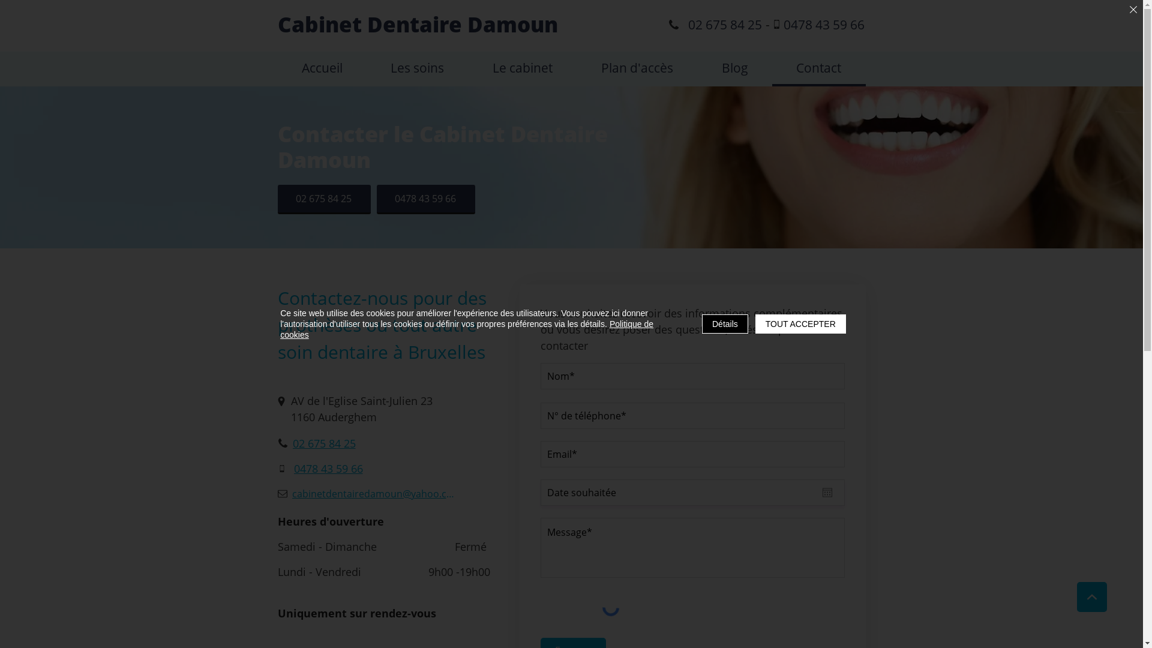 This screenshot has height=648, width=1152. What do you see at coordinates (322, 69) in the screenshot?
I see `'Accueil'` at bounding box center [322, 69].